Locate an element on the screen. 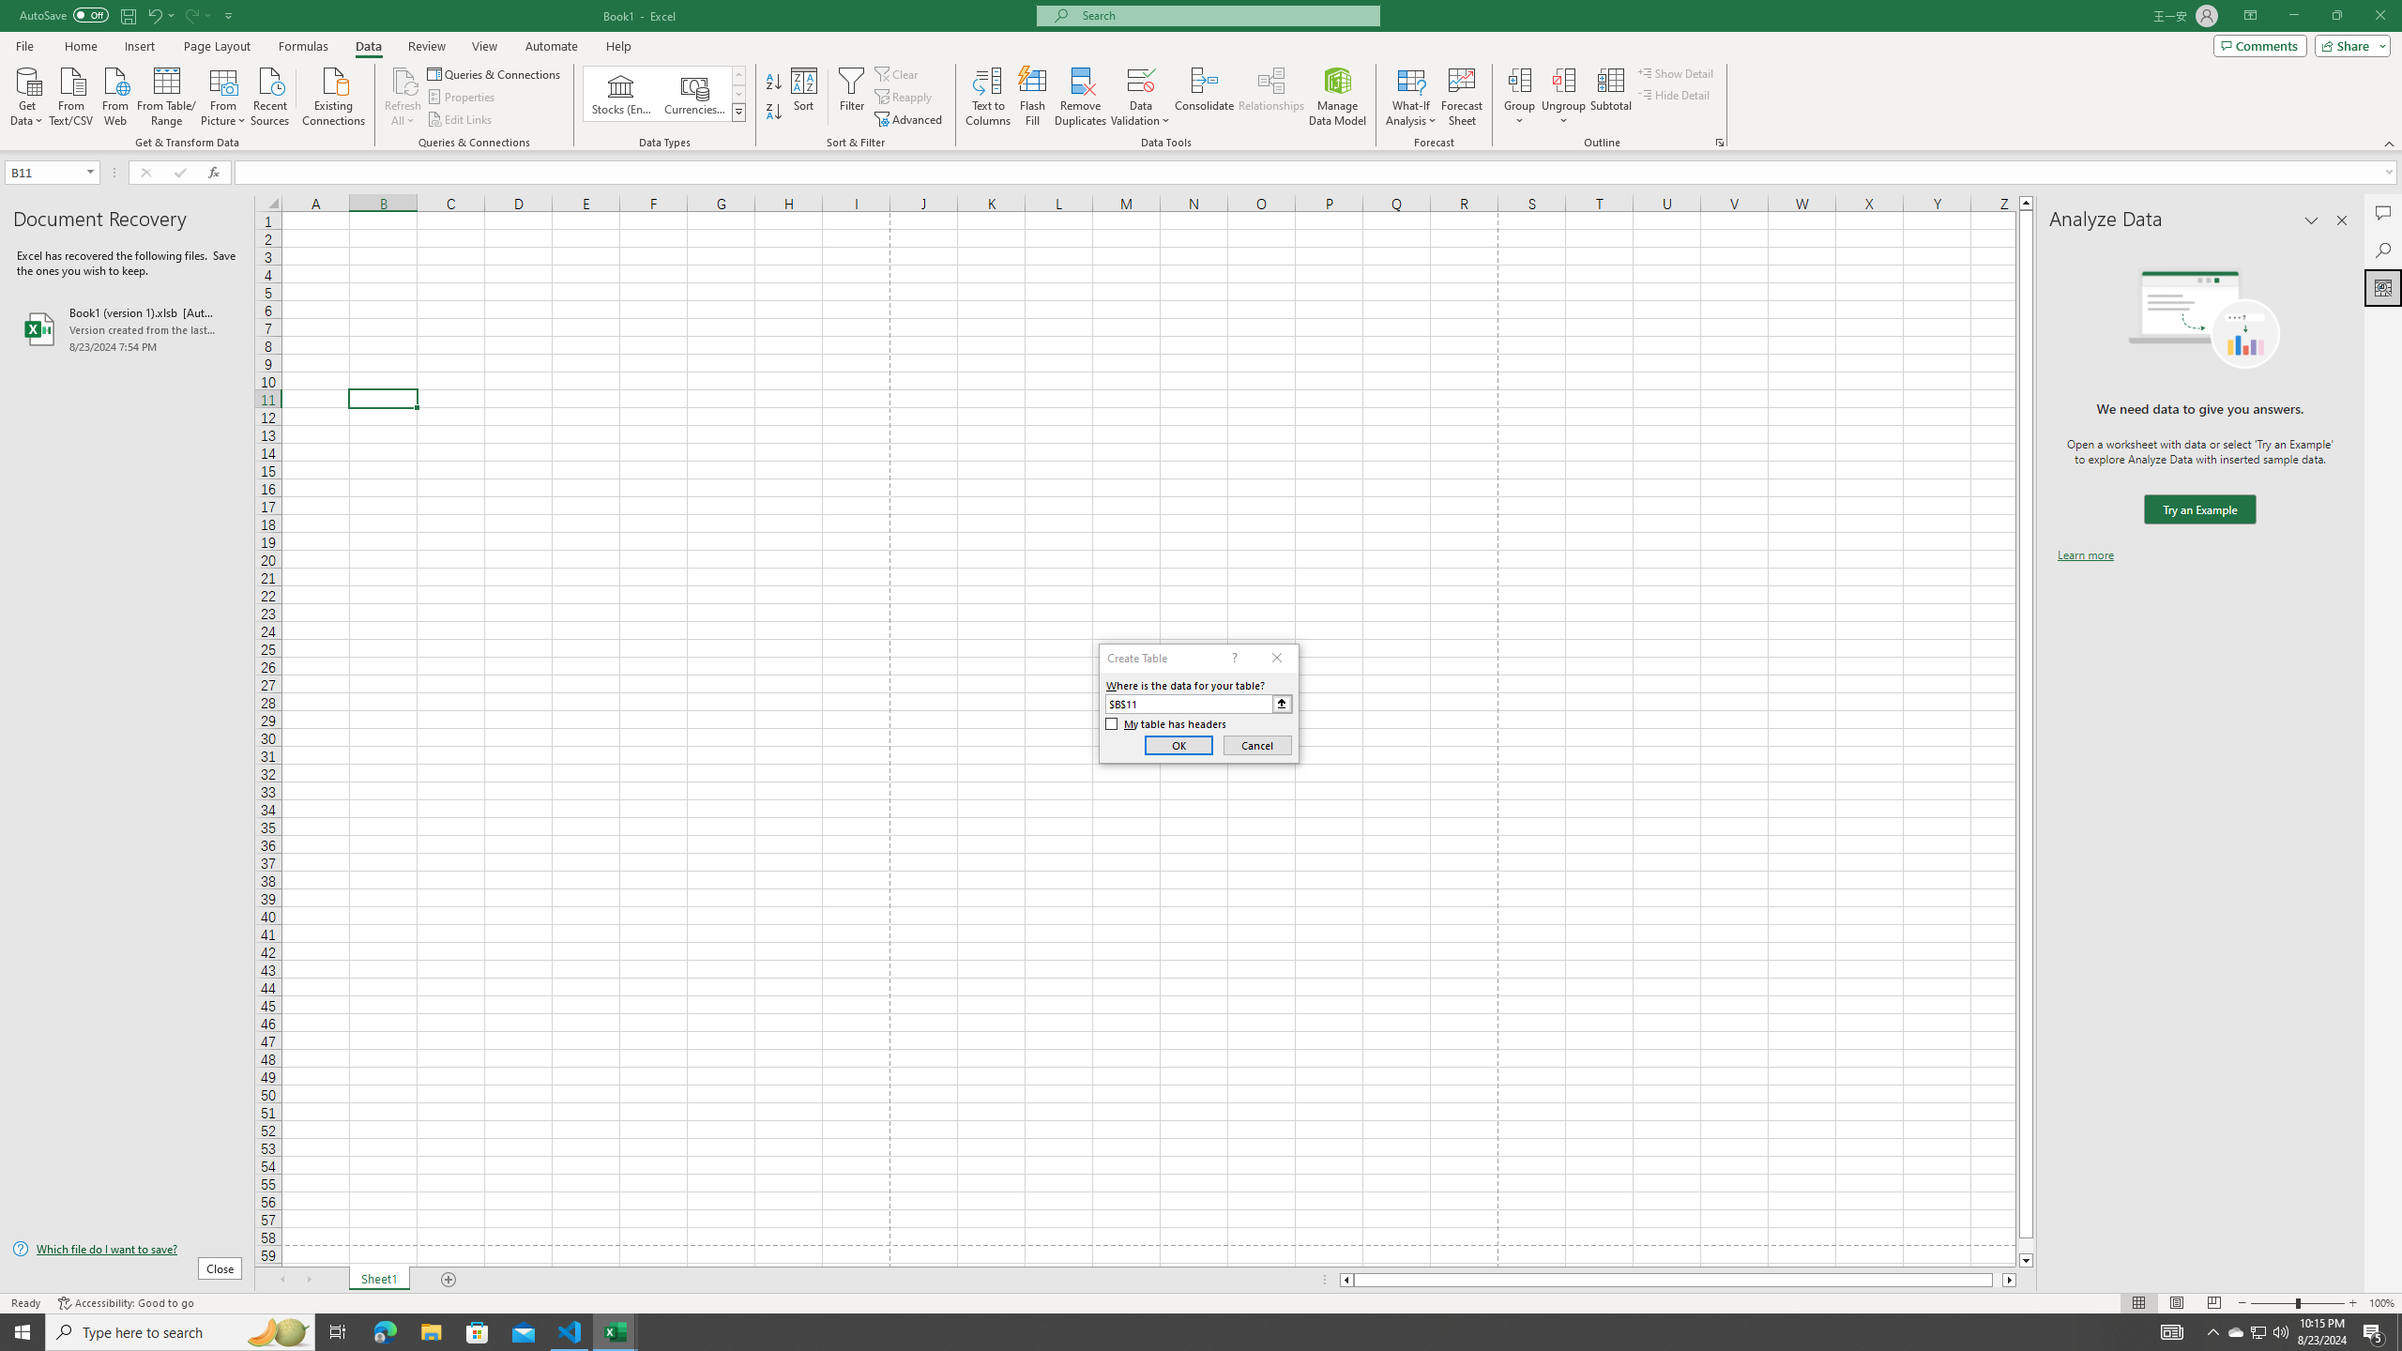 This screenshot has height=1351, width=2402. 'Row up' is located at coordinates (738, 75).